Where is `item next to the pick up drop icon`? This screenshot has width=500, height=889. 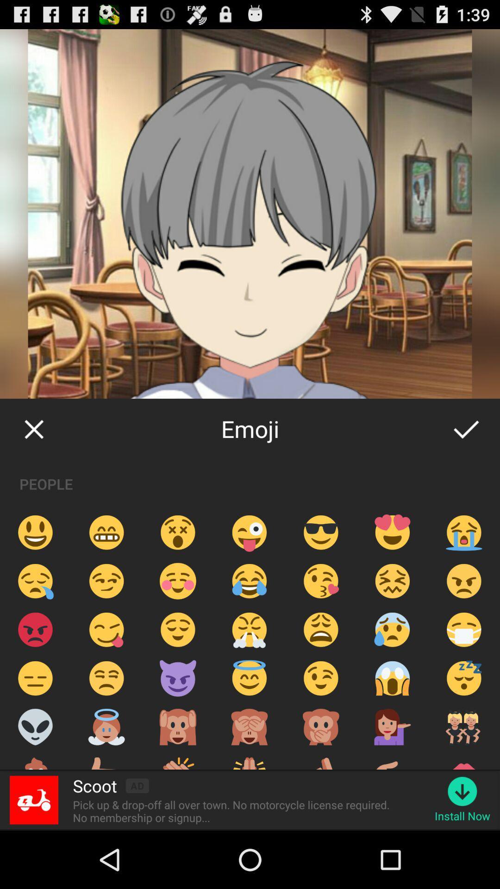
item next to the pick up drop icon is located at coordinates (462, 816).